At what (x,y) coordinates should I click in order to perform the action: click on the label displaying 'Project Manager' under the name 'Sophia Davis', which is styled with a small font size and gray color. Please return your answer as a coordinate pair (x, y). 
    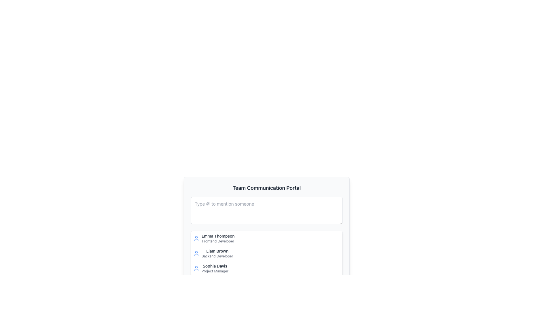
    Looking at the image, I should click on (215, 271).